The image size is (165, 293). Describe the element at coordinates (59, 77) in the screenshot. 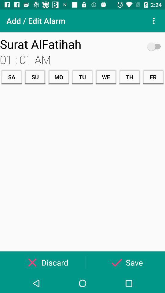

I see `the item next to su icon` at that location.